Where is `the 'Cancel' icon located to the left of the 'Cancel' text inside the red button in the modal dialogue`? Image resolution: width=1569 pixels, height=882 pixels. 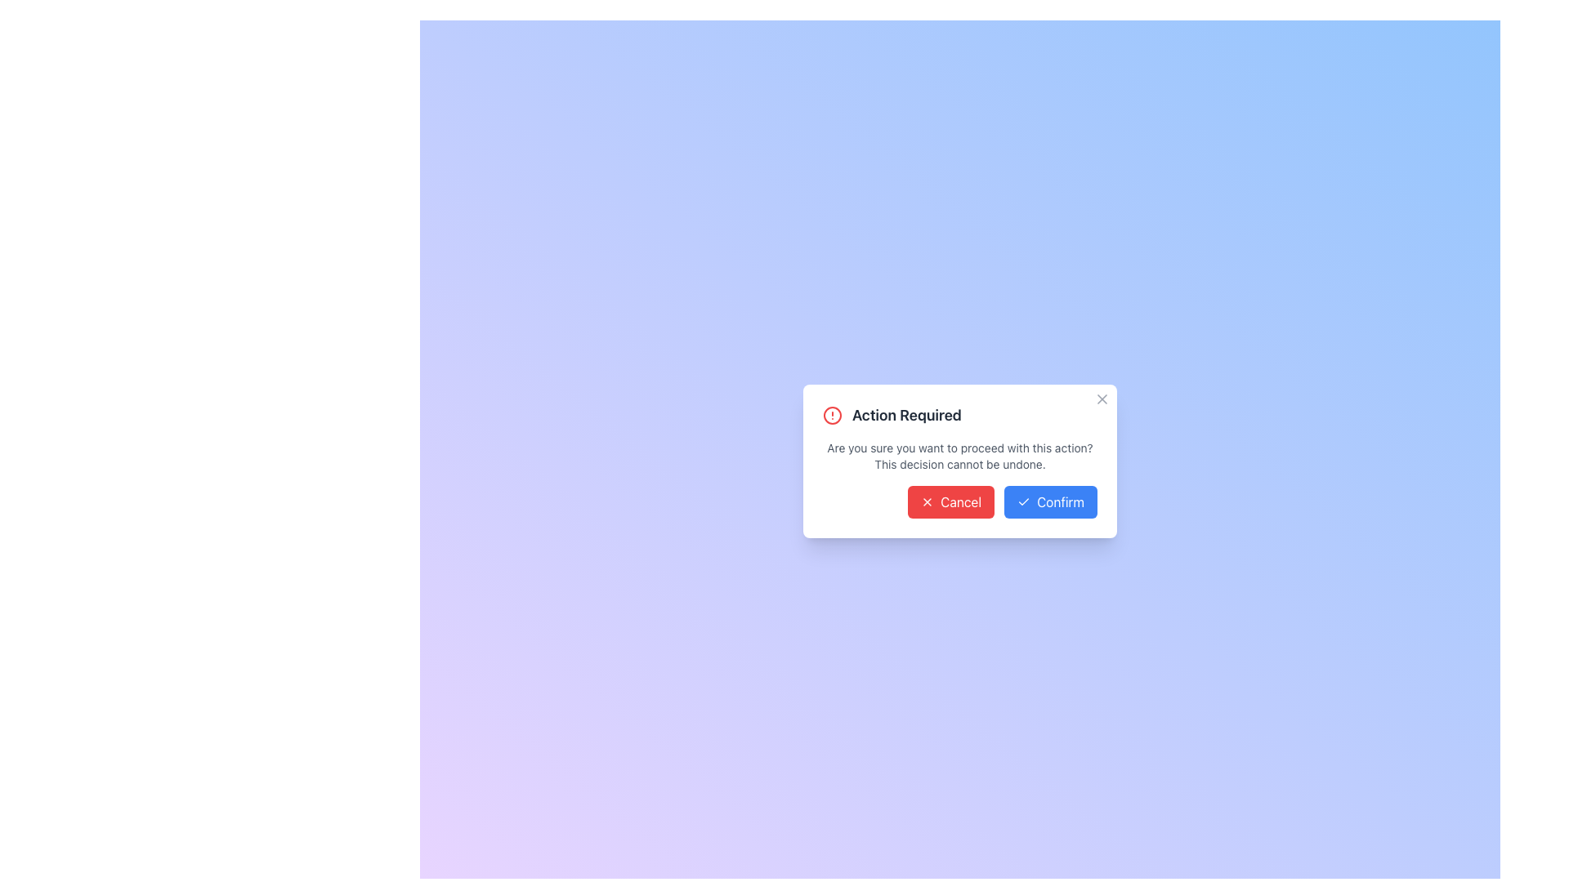 the 'Cancel' icon located to the left of the 'Cancel' text inside the red button in the modal dialogue is located at coordinates (928, 501).